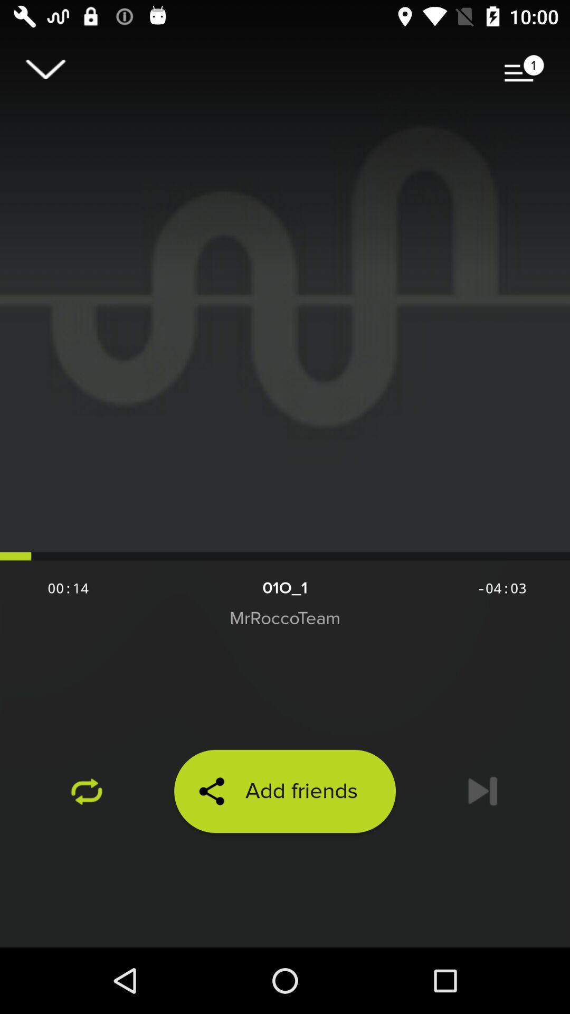 The height and width of the screenshot is (1014, 570). What do you see at coordinates (524, 69) in the screenshot?
I see `the playlist icon` at bounding box center [524, 69].